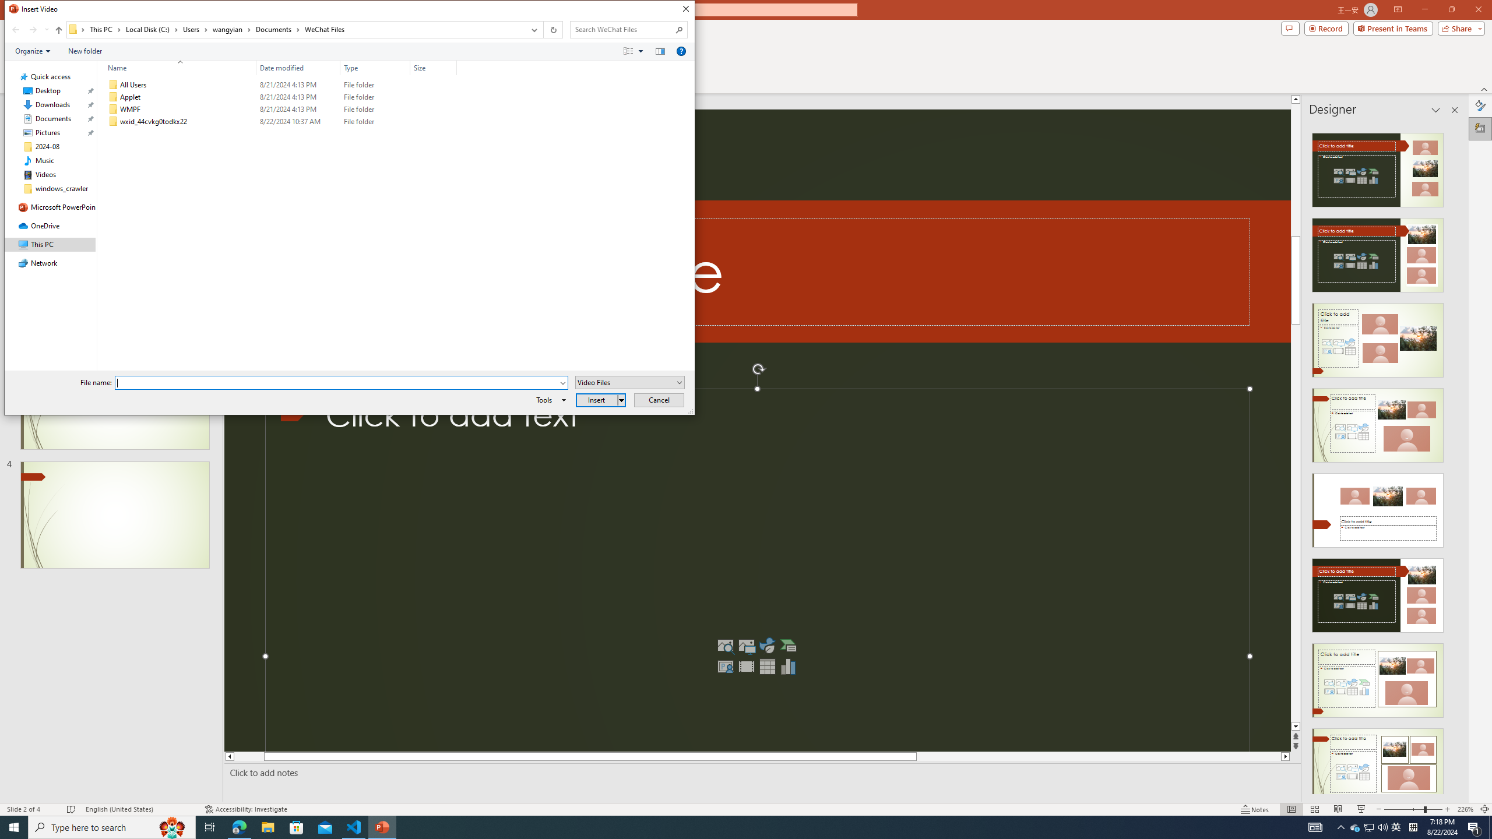 Image resolution: width=1492 pixels, height=839 pixels. What do you see at coordinates (1454, 458) in the screenshot?
I see `'Class: NetUIScrollBar'` at bounding box center [1454, 458].